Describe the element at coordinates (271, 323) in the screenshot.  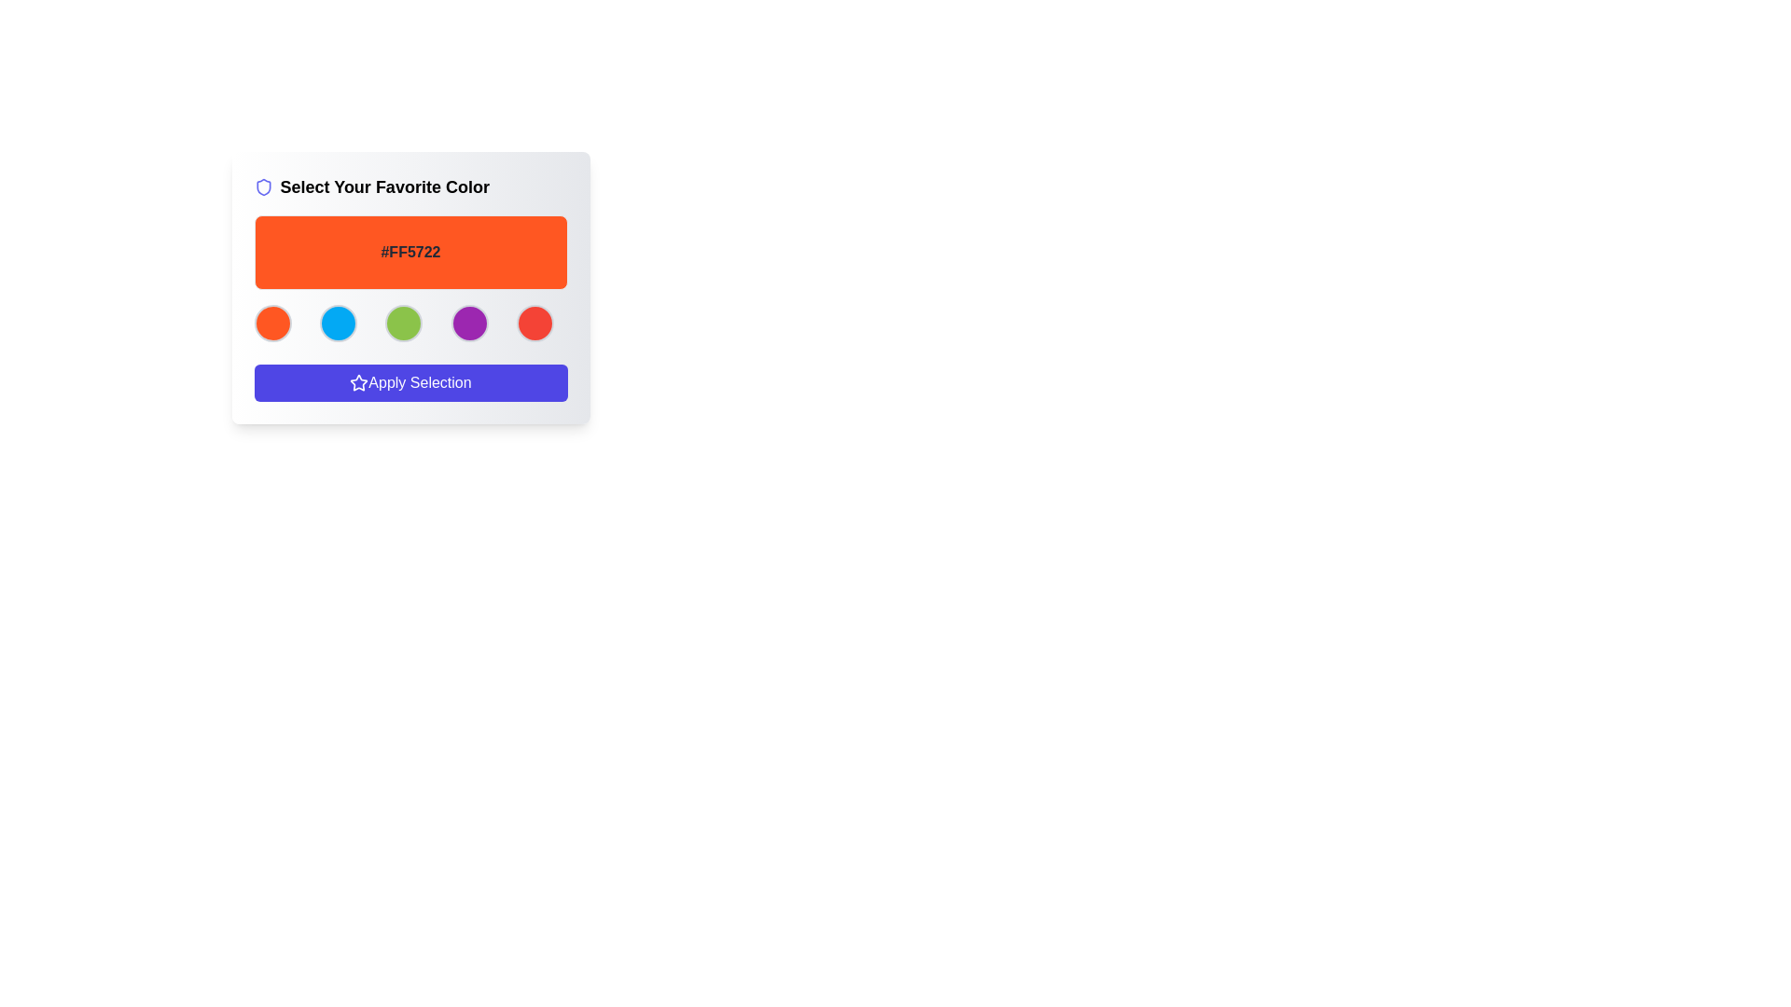
I see `the leftmost circular button for selecting the orange color option` at that location.